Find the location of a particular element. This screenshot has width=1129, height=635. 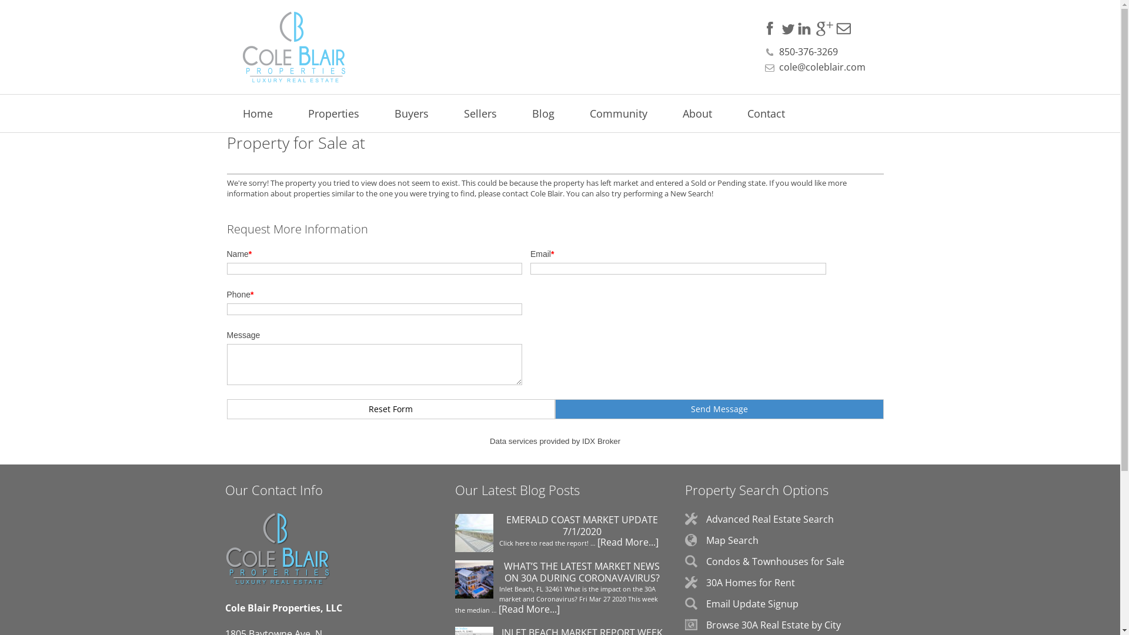

'Contact' is located at coordinates (765, 113).